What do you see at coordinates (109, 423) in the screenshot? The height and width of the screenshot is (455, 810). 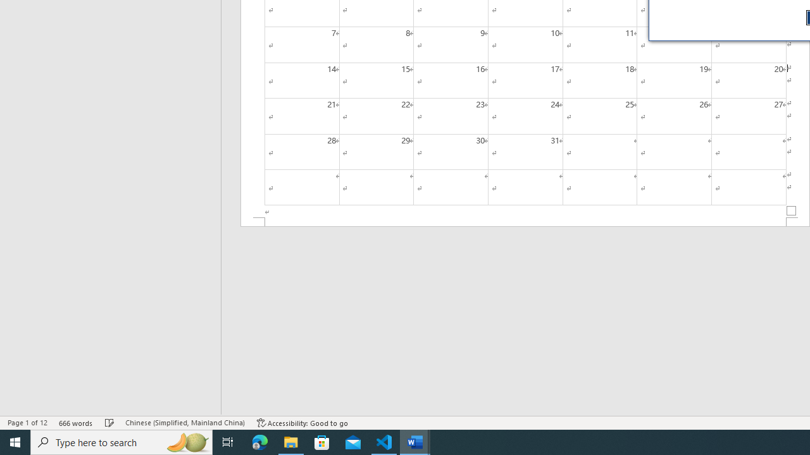 I see `'Spelling and Grammar Check Checking'` at bounding box center [109, 423].